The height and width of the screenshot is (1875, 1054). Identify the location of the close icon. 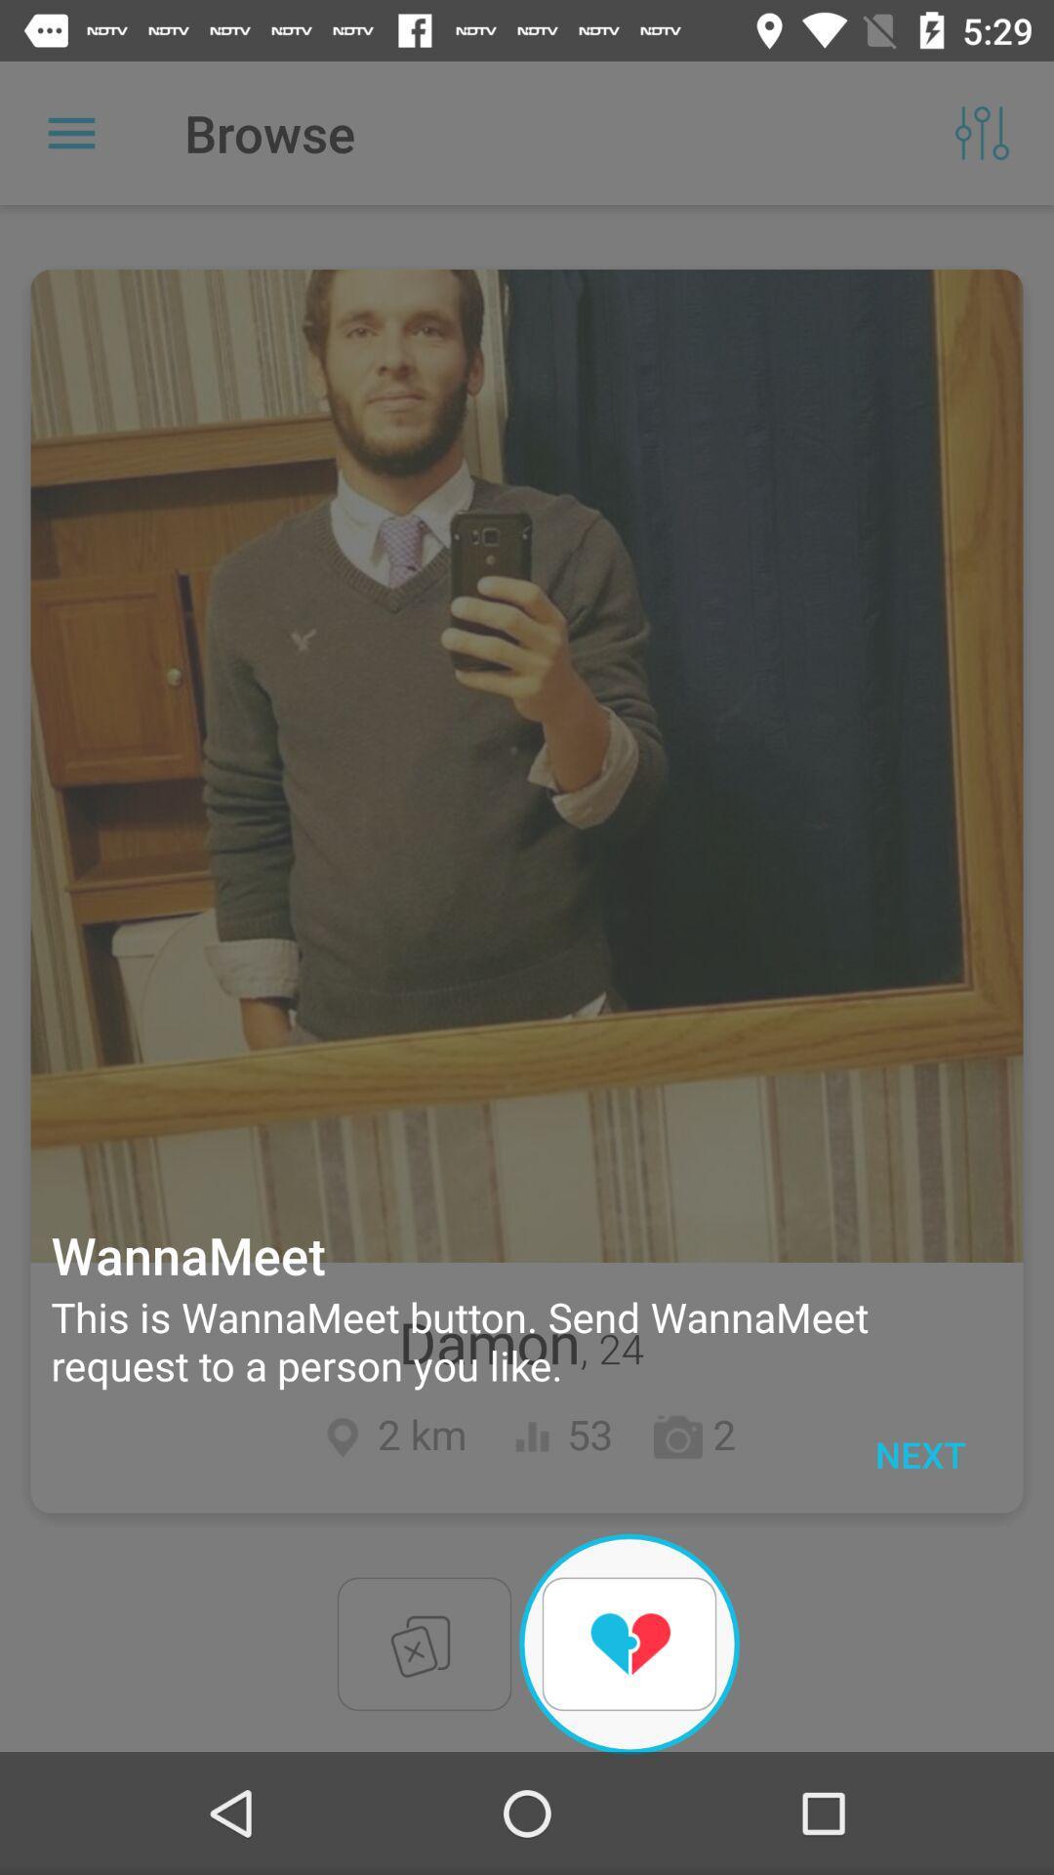
(424, 1643).